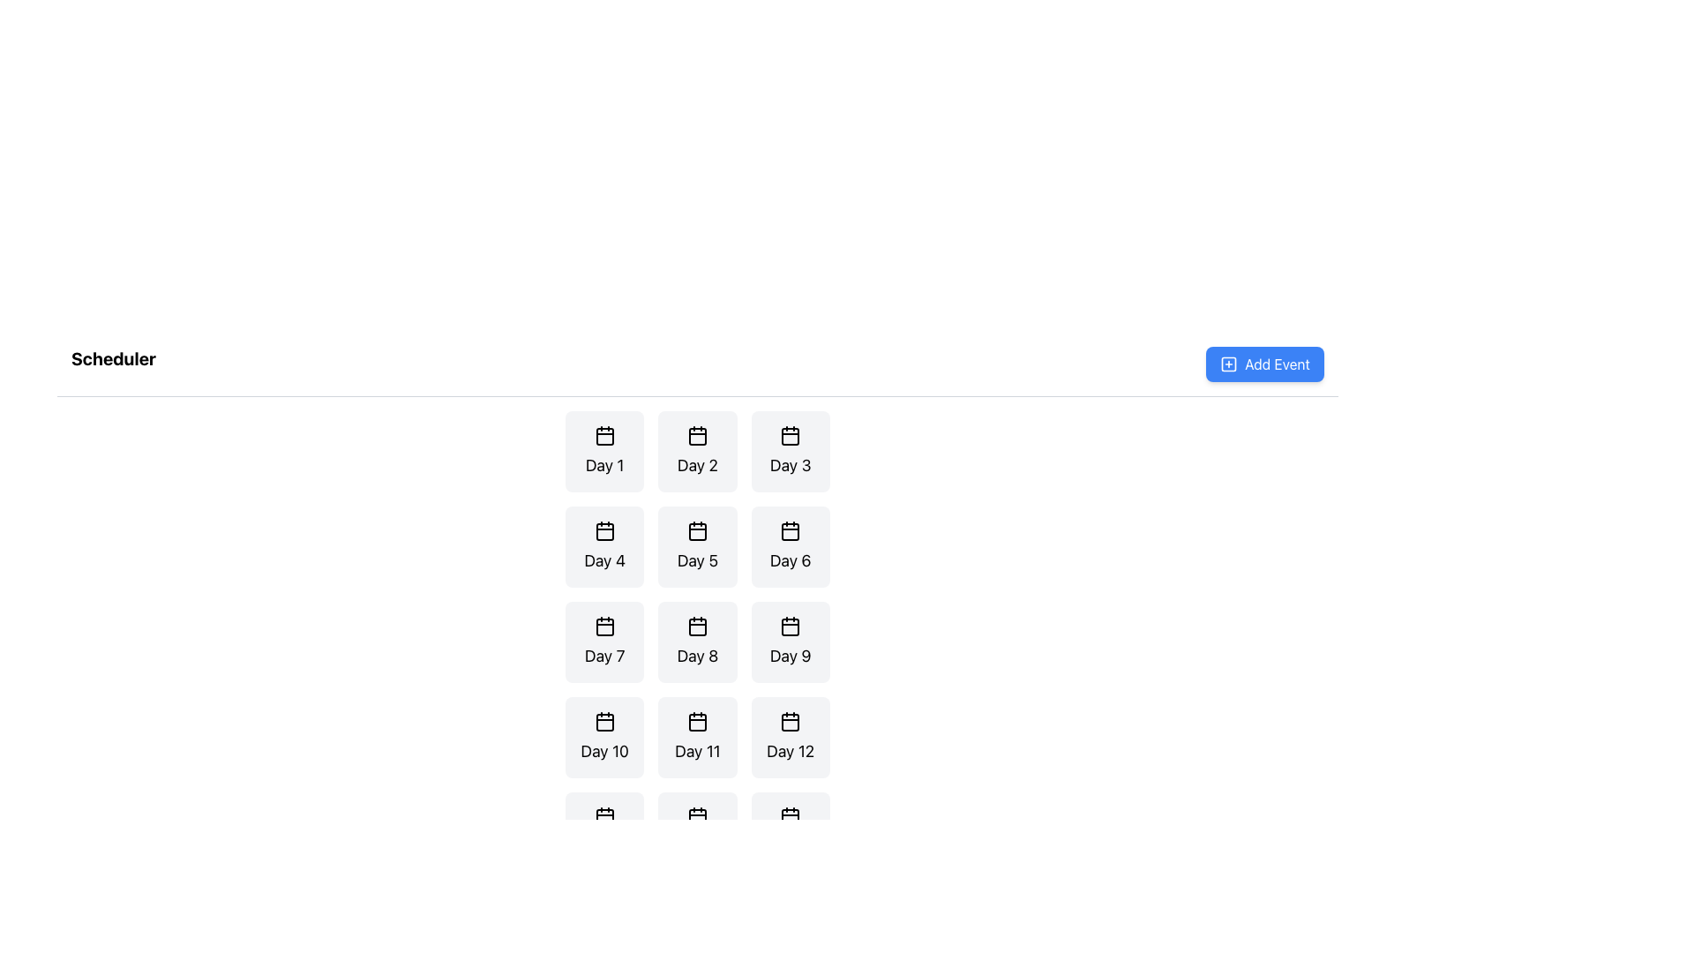 Image resolution: width=1694 pixels, height=953 pixels. What do you see at coordinates (697, 817) in the screenshot?
I see `the rectangular shape with rounded corners that represents the inner display area of the calendar icon located under 'Day 12' in the bottom-most row of the calendar grid` at bounding box center [697, 817].